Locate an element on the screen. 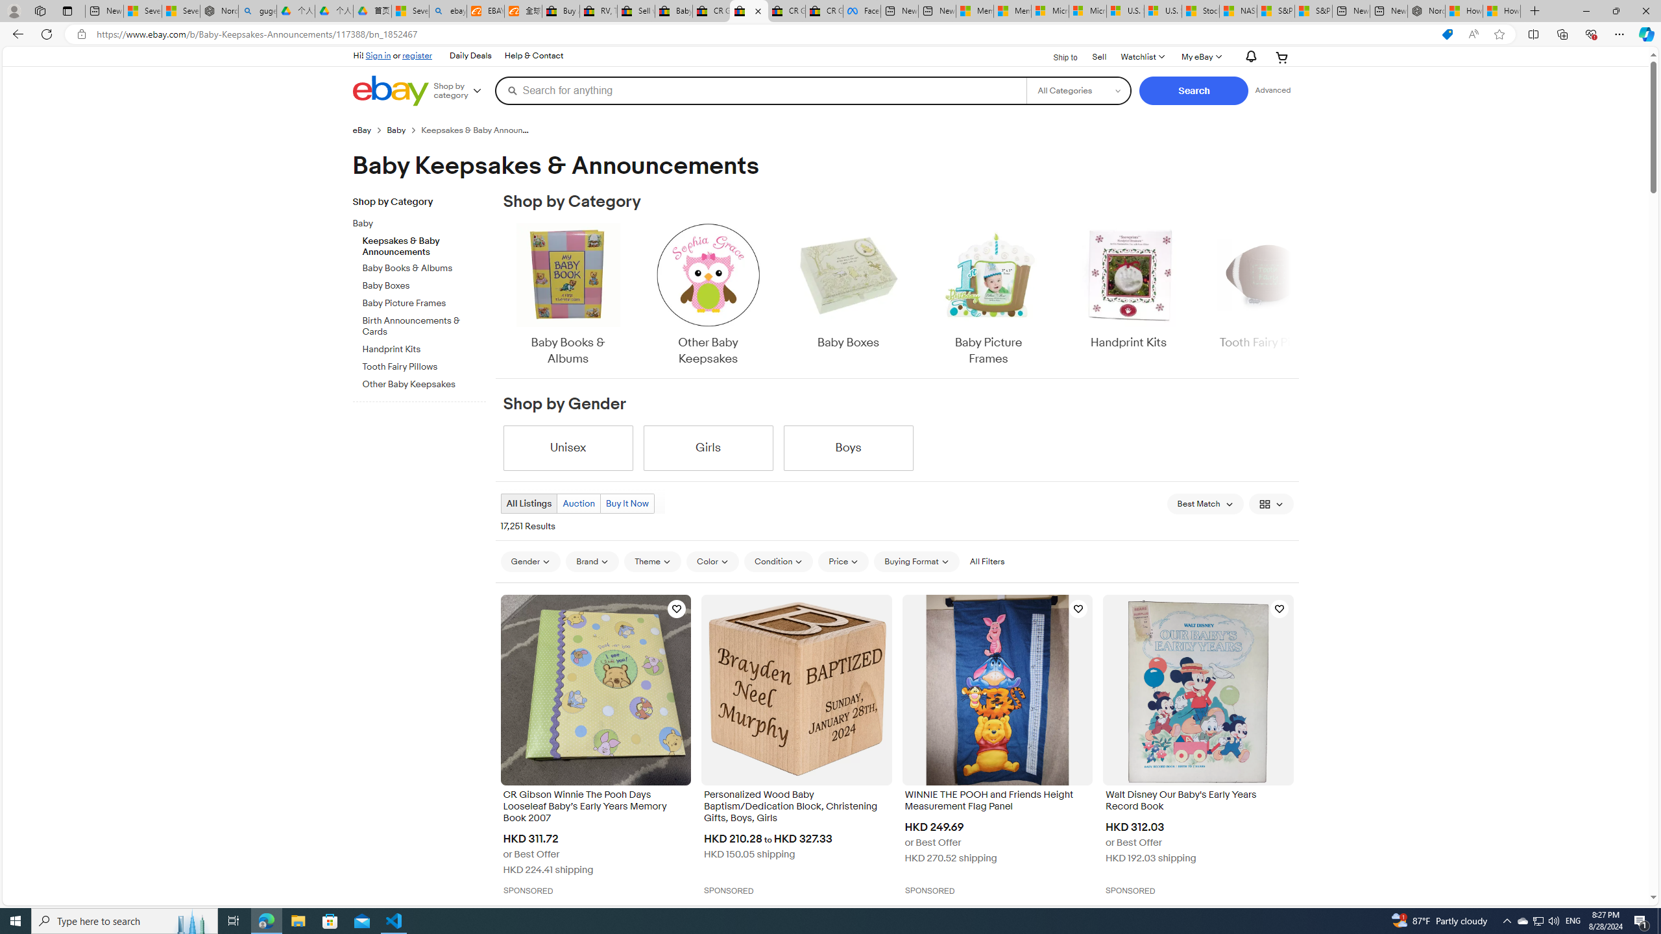 This screenshot has height=934, width=1661. 'Auction' is located at coordinates (579, 503).